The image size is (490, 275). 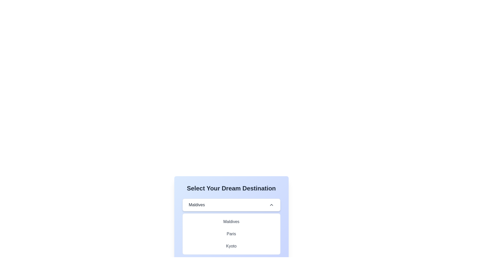 I want to click on the Dropdown menu toggle which displays the currently selected destination 'Maldives', so click(x=231, y=205).